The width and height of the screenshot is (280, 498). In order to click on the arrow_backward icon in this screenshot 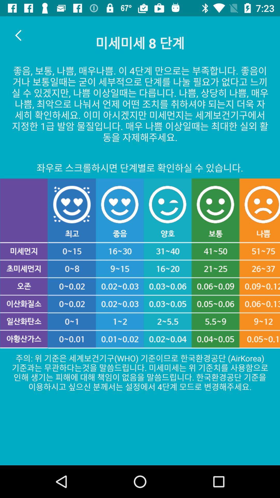, I will do `click(19, 35)`.